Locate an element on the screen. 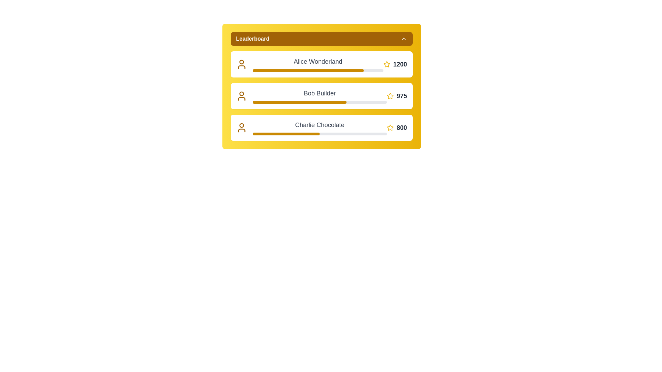  the upward arrow icon located to the right of the 'Leaderboard' header is located at coordinates (403, 39).